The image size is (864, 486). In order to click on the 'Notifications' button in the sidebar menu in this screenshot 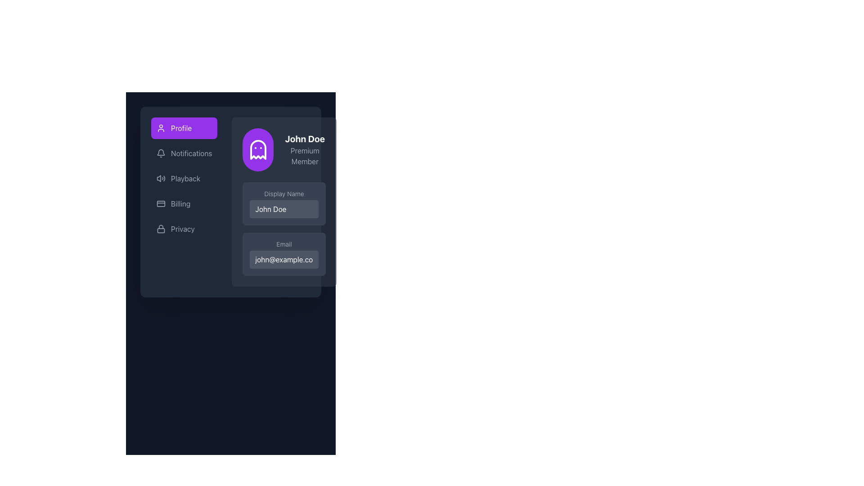, I will do `click(184, 153)`.